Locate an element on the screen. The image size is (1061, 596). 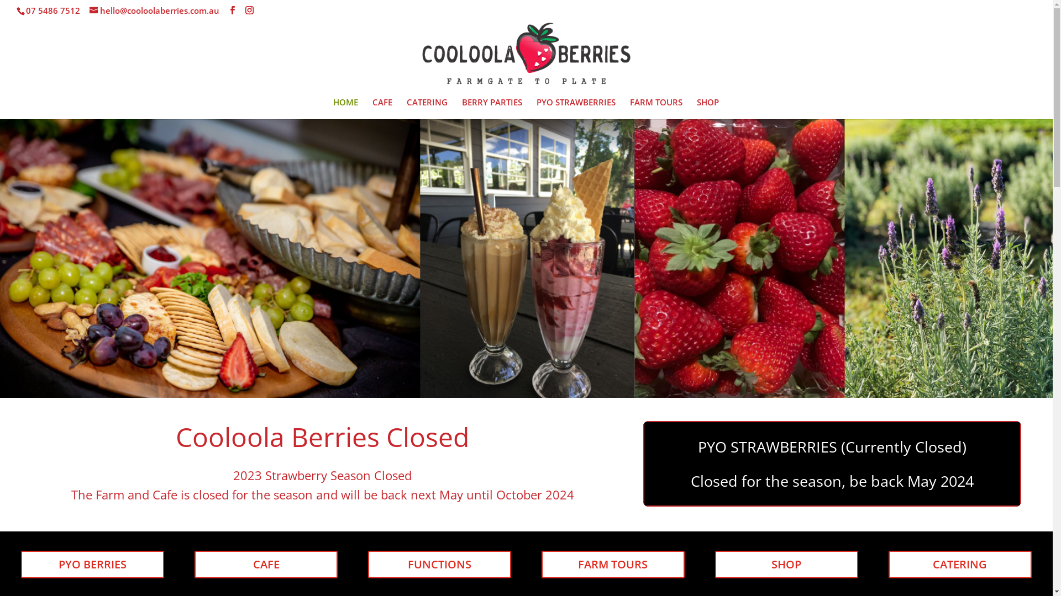
'HOME' is located at coordinates (344, 108).